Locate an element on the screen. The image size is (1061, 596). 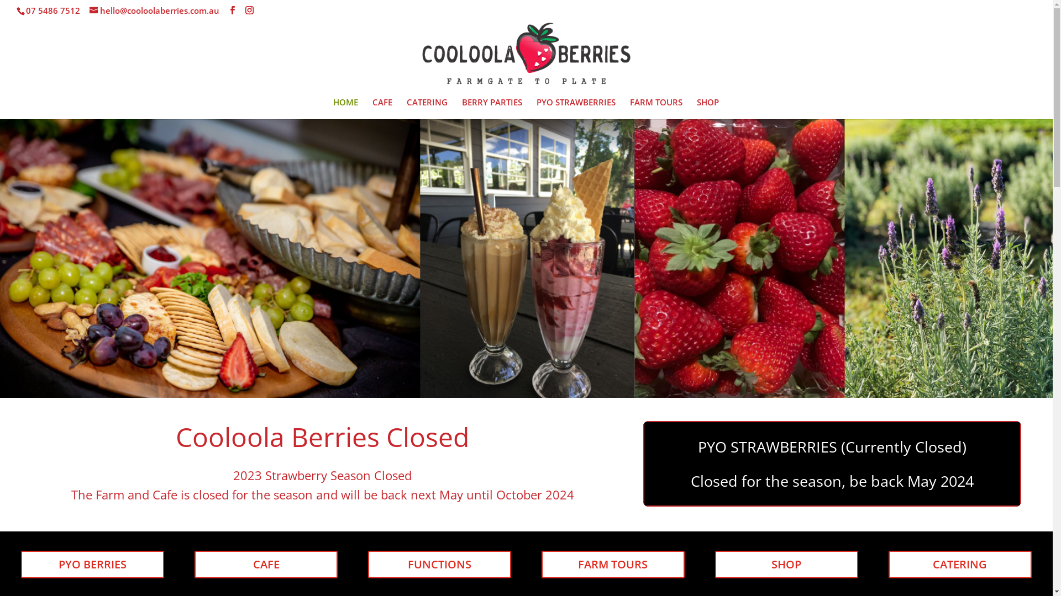
'HOME' is located at coordinates (344, 108).